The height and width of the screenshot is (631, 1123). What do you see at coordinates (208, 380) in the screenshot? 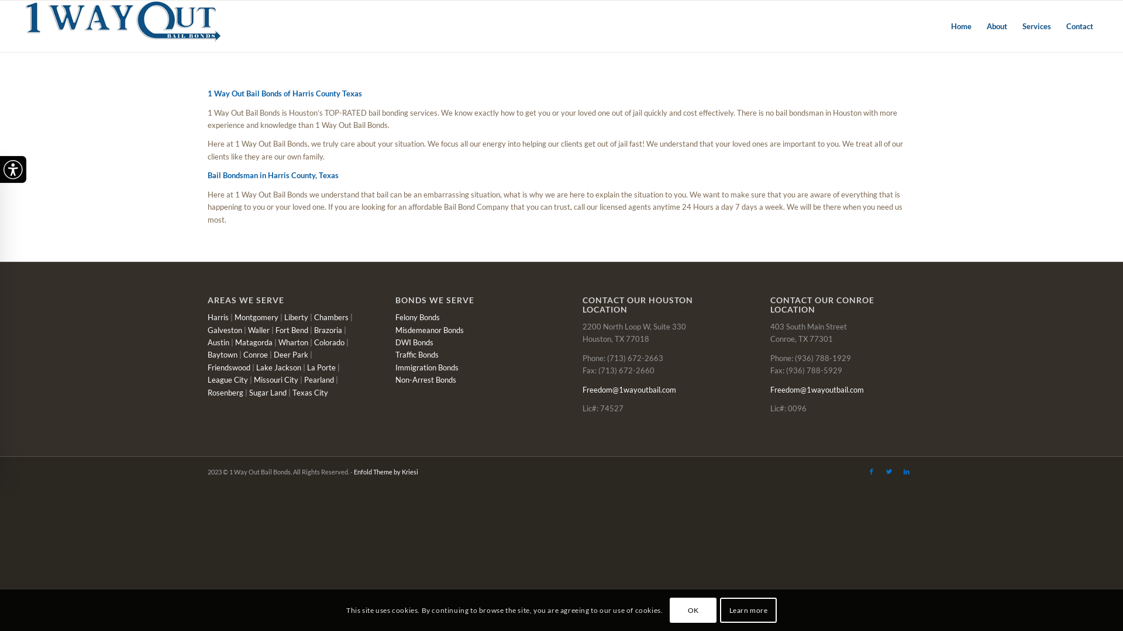
I see `'League City'` at bounding box center [208, 380].